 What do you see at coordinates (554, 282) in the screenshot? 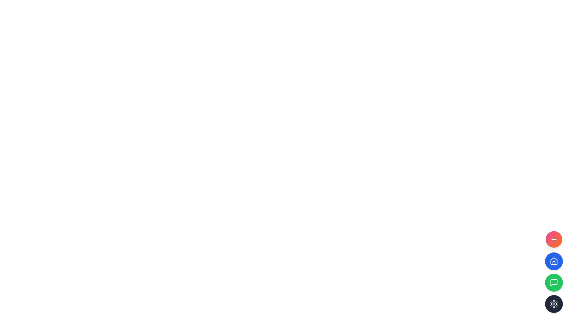
I see `the communication/chat initiation button located between the blue home button and the gray settings button` at bounding box center [554, 282].